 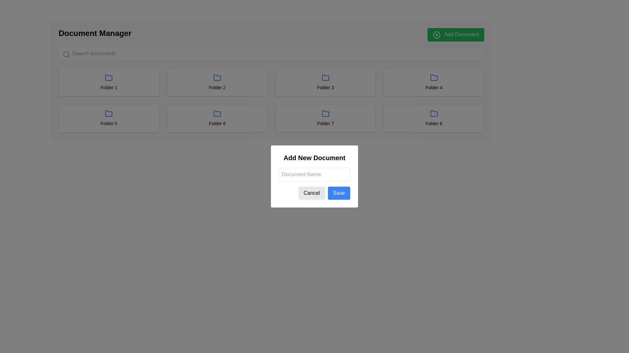 What do you see at coordinates (314, 158) in the screenshot?
I see `the header that serves as the title for the modal to add a new document, which is located at the top center of the modal` at bounding box center [314, 158].